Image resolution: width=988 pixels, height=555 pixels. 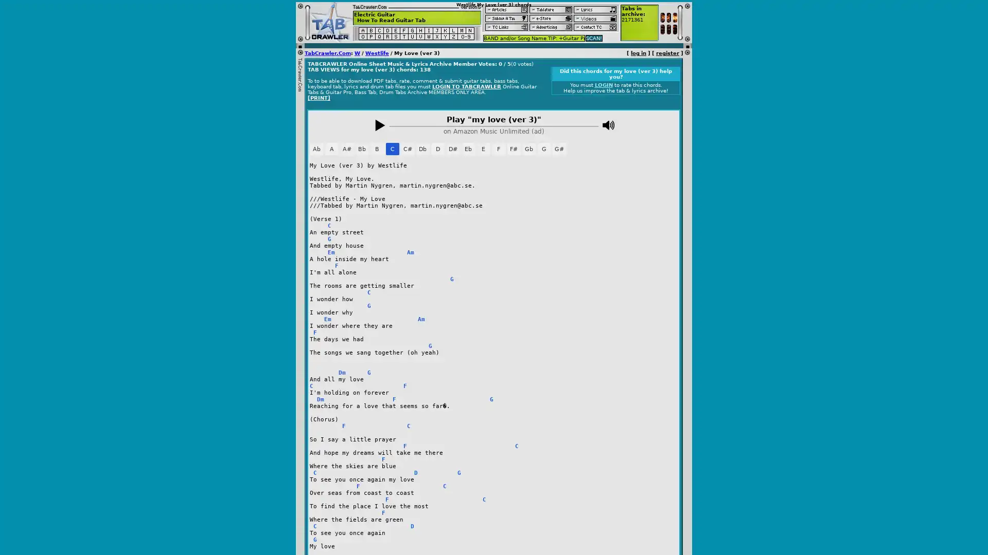 What do you see at coordinates (594, 37) in the screenshot?
I see `SCAN!` at bounding box center [594, 37].